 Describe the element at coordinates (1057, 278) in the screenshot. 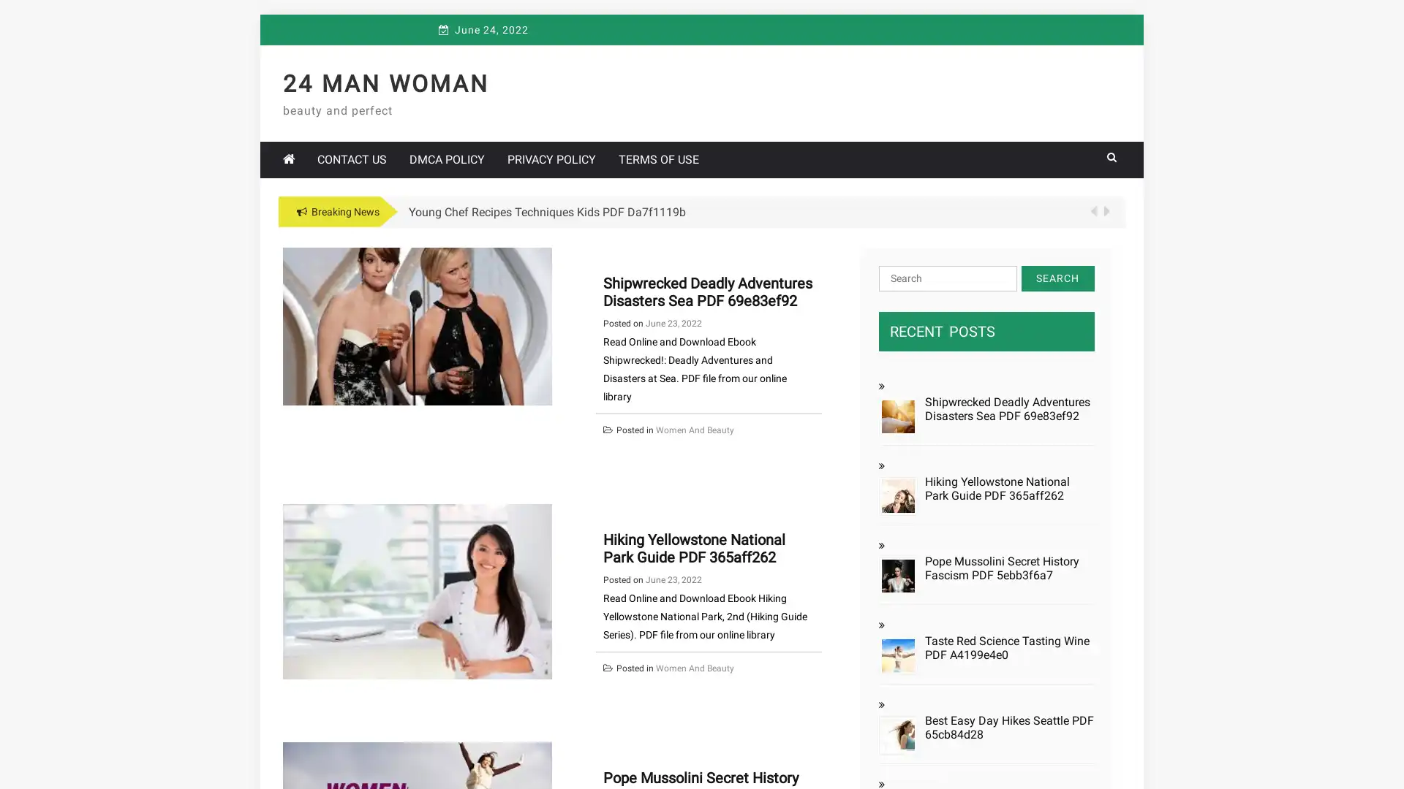

I see `Search` at that location.